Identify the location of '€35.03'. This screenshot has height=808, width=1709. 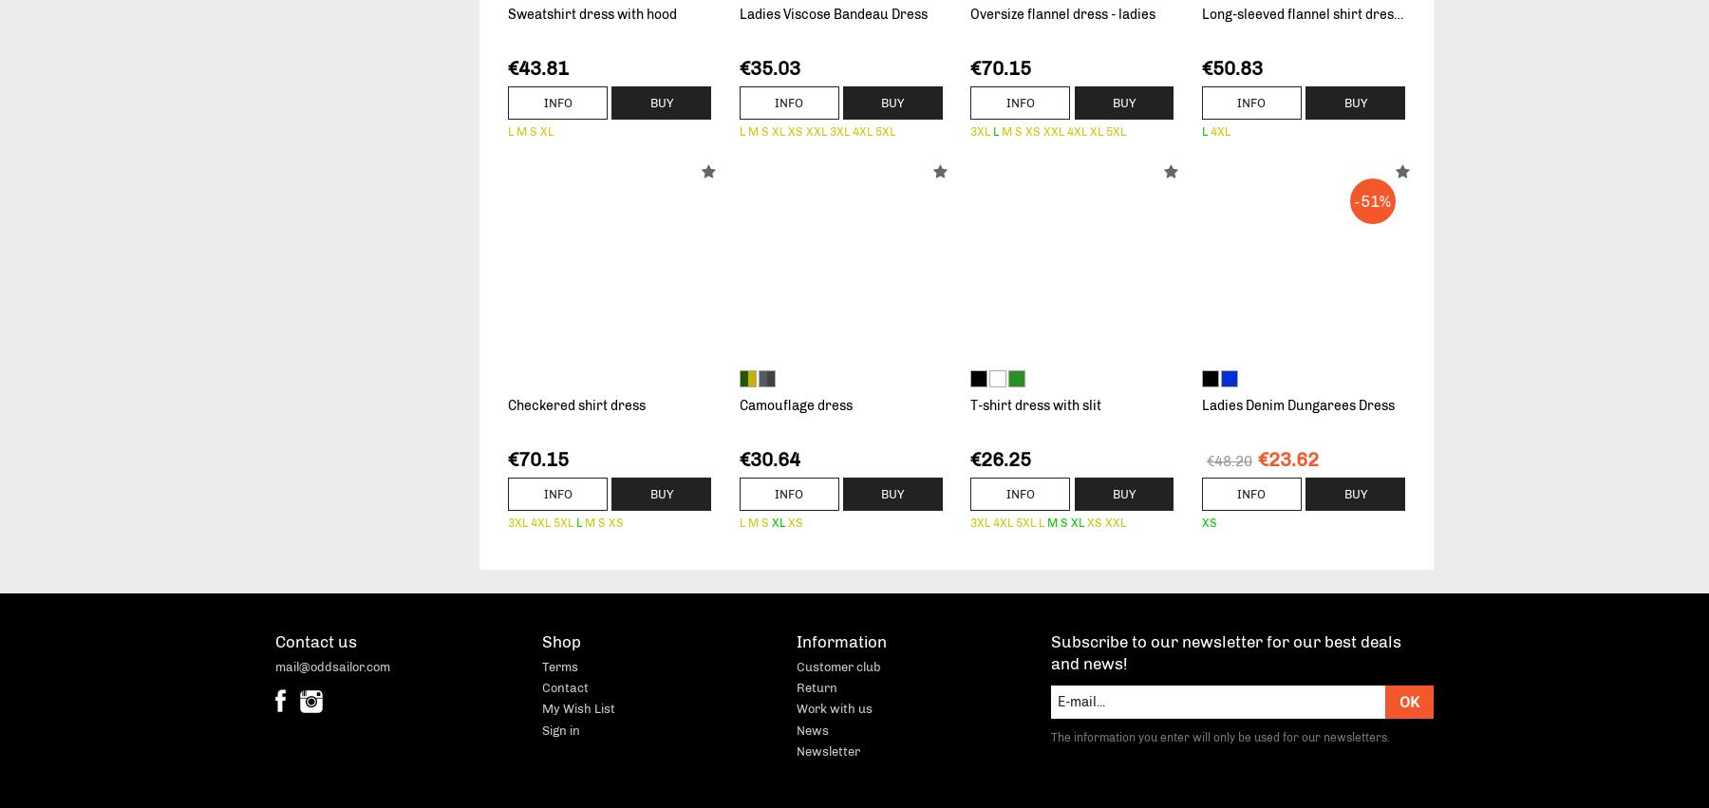
(769, 67).